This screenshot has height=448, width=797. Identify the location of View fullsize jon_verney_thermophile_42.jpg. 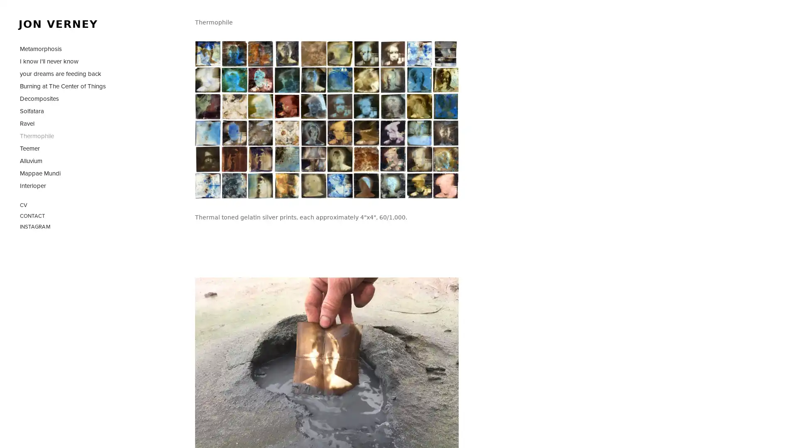
(287, 159).